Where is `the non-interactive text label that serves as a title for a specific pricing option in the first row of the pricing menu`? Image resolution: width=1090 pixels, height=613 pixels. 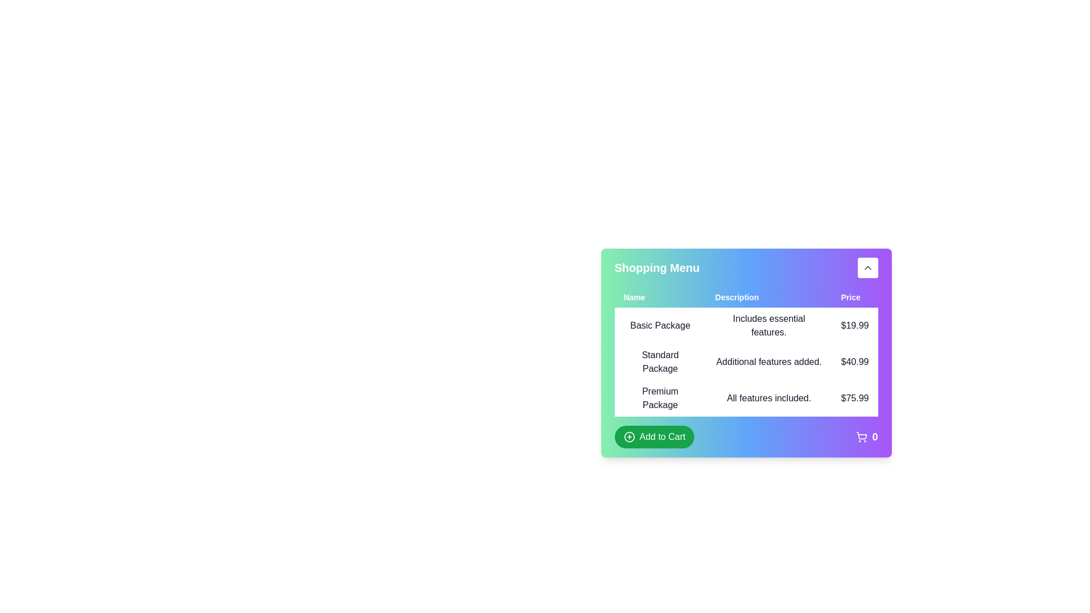 the non-interactive text label that serves as a title for a specific pricing option in the first row of the pricing menu is located at coordinates (660, 326).